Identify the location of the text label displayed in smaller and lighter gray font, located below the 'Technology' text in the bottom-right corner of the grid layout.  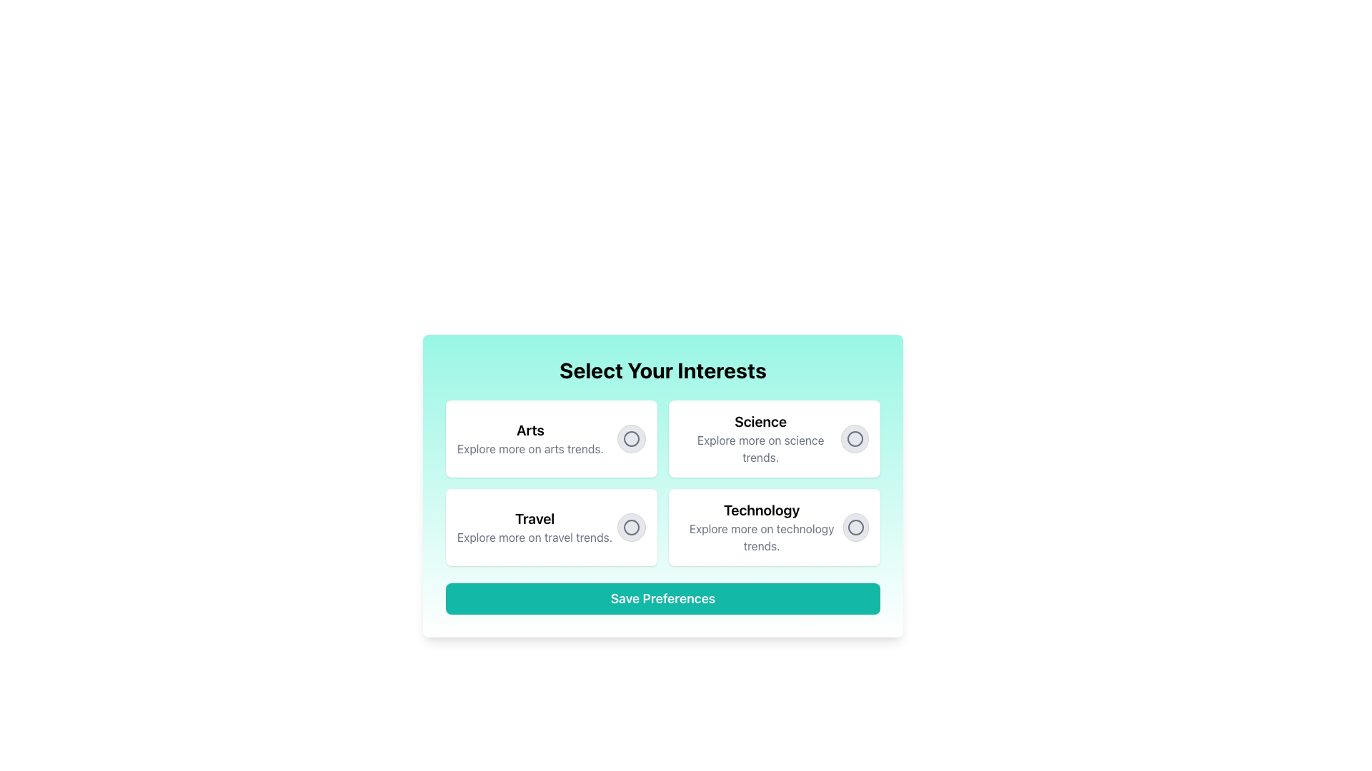
(761, 537).